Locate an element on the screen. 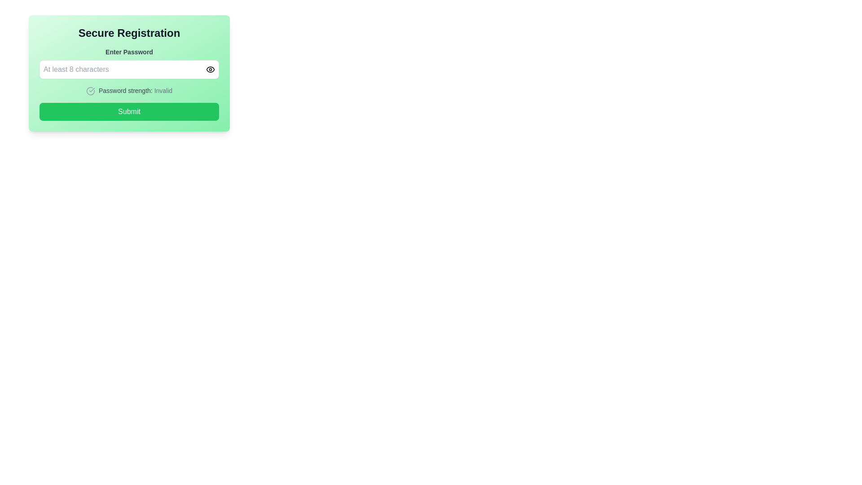  text content of the text label displaying 'Invalid' in gray color, which is positioned next to the 'Password strength:' label is located at coordinates (163, 90).